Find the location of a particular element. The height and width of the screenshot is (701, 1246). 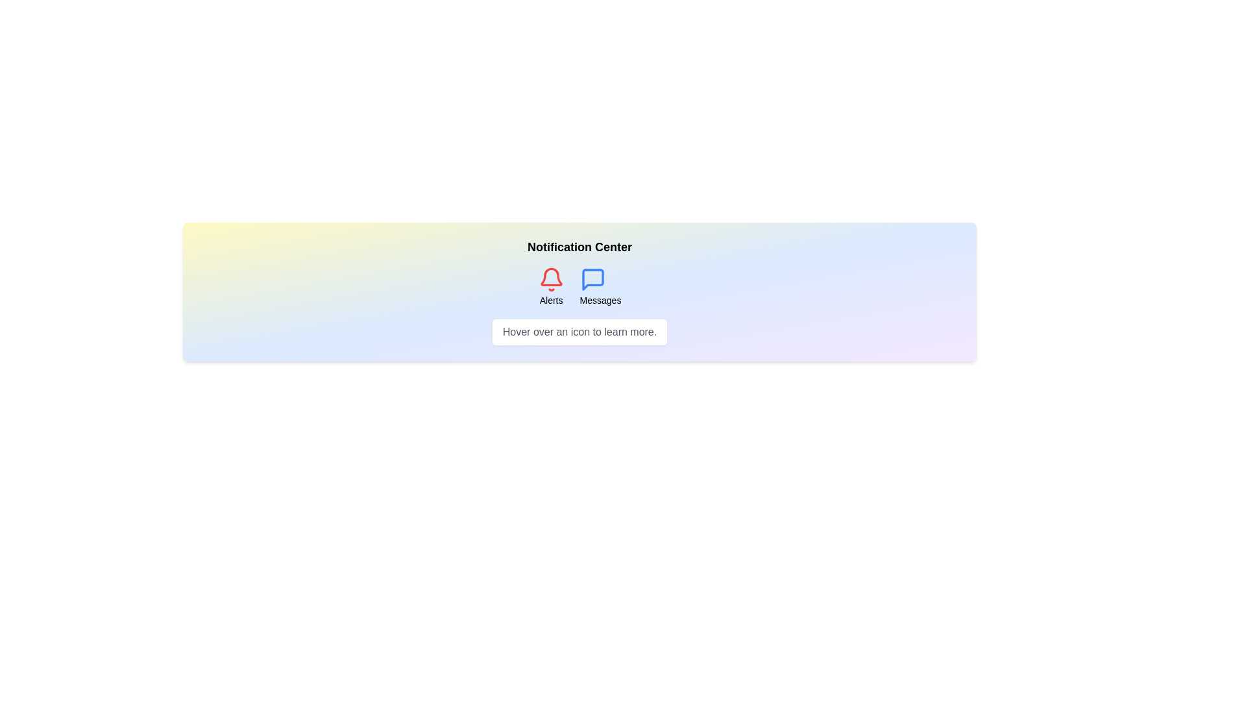

the 'Messages' text label located below the speech bubble icon in the notification section is located at coordinates (600, 300).